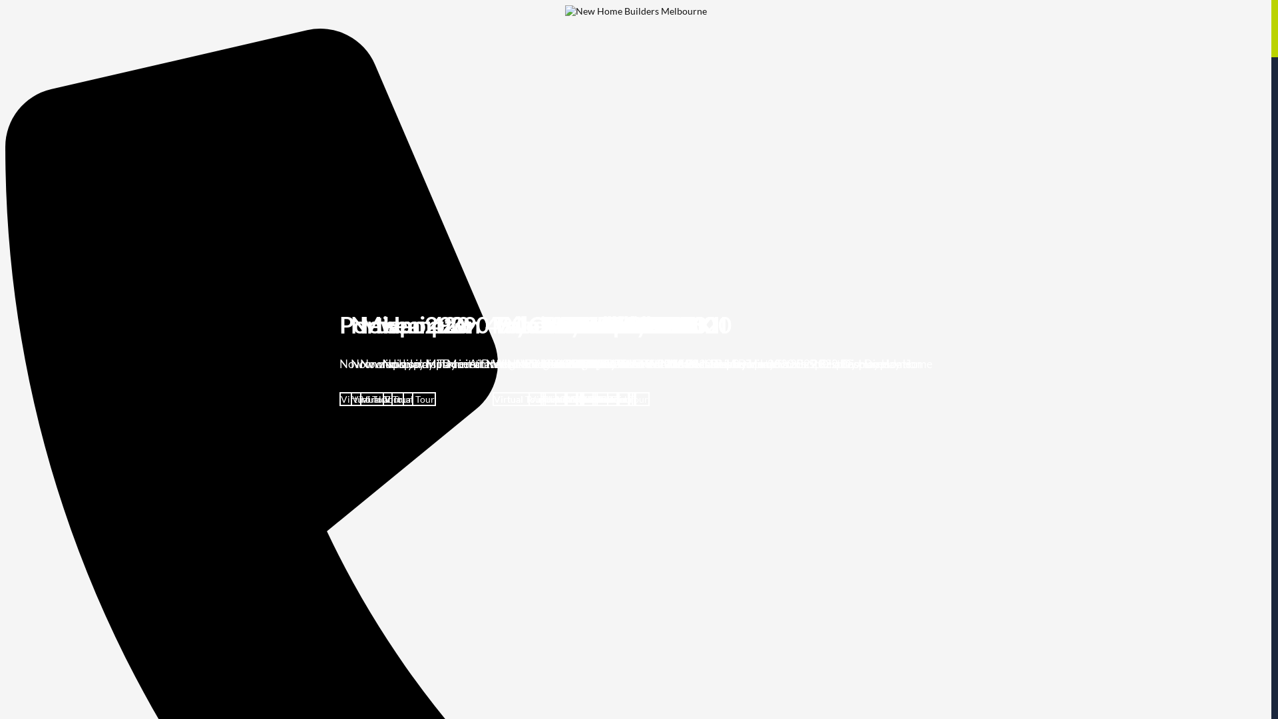  What do you see at coordinates (385, 398) in the screenshot?
I see `'Virtual Tour'` at bounding box center [385, 398].